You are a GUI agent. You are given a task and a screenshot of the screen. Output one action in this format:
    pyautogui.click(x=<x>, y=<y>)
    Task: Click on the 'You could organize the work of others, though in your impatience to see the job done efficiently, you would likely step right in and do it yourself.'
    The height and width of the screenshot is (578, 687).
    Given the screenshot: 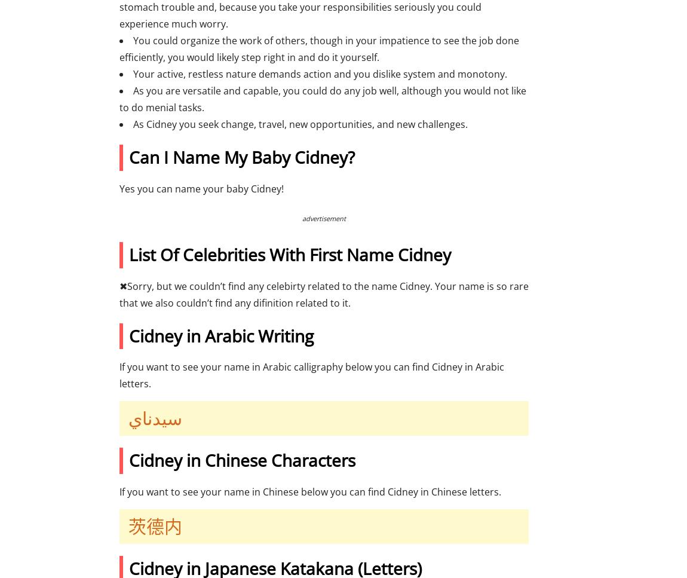 What is the action you would take?
    pyautogui.click(x=319, y=49)
    